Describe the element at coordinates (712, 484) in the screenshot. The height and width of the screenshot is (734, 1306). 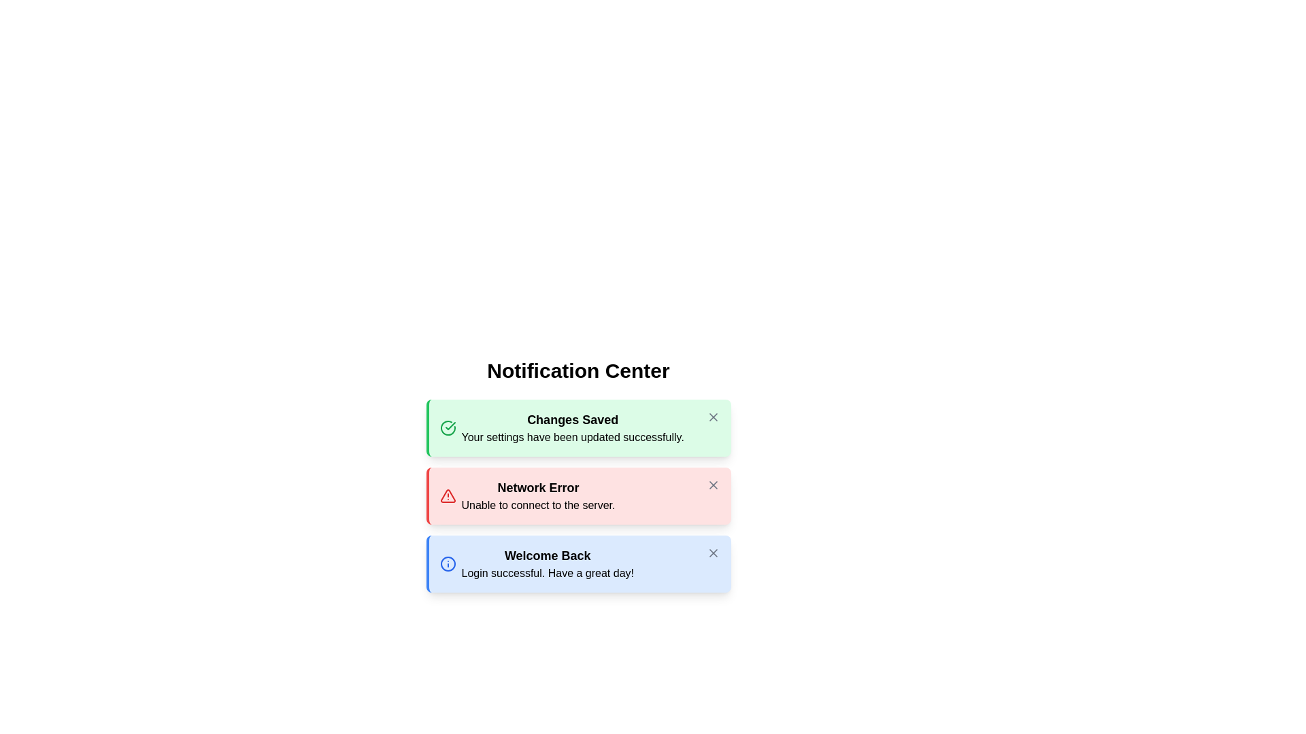
I see `the small X-shaped icon on the far-right side of the 'Network Error' notification box` at that location.